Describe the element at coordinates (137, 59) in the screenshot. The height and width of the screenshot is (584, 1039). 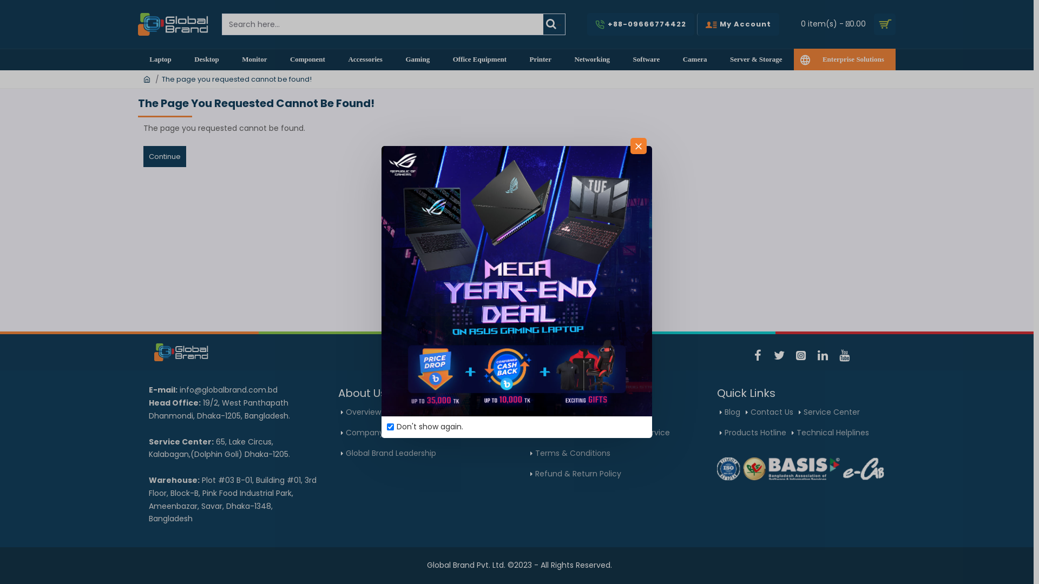
I see `'Laptop'` at that location.